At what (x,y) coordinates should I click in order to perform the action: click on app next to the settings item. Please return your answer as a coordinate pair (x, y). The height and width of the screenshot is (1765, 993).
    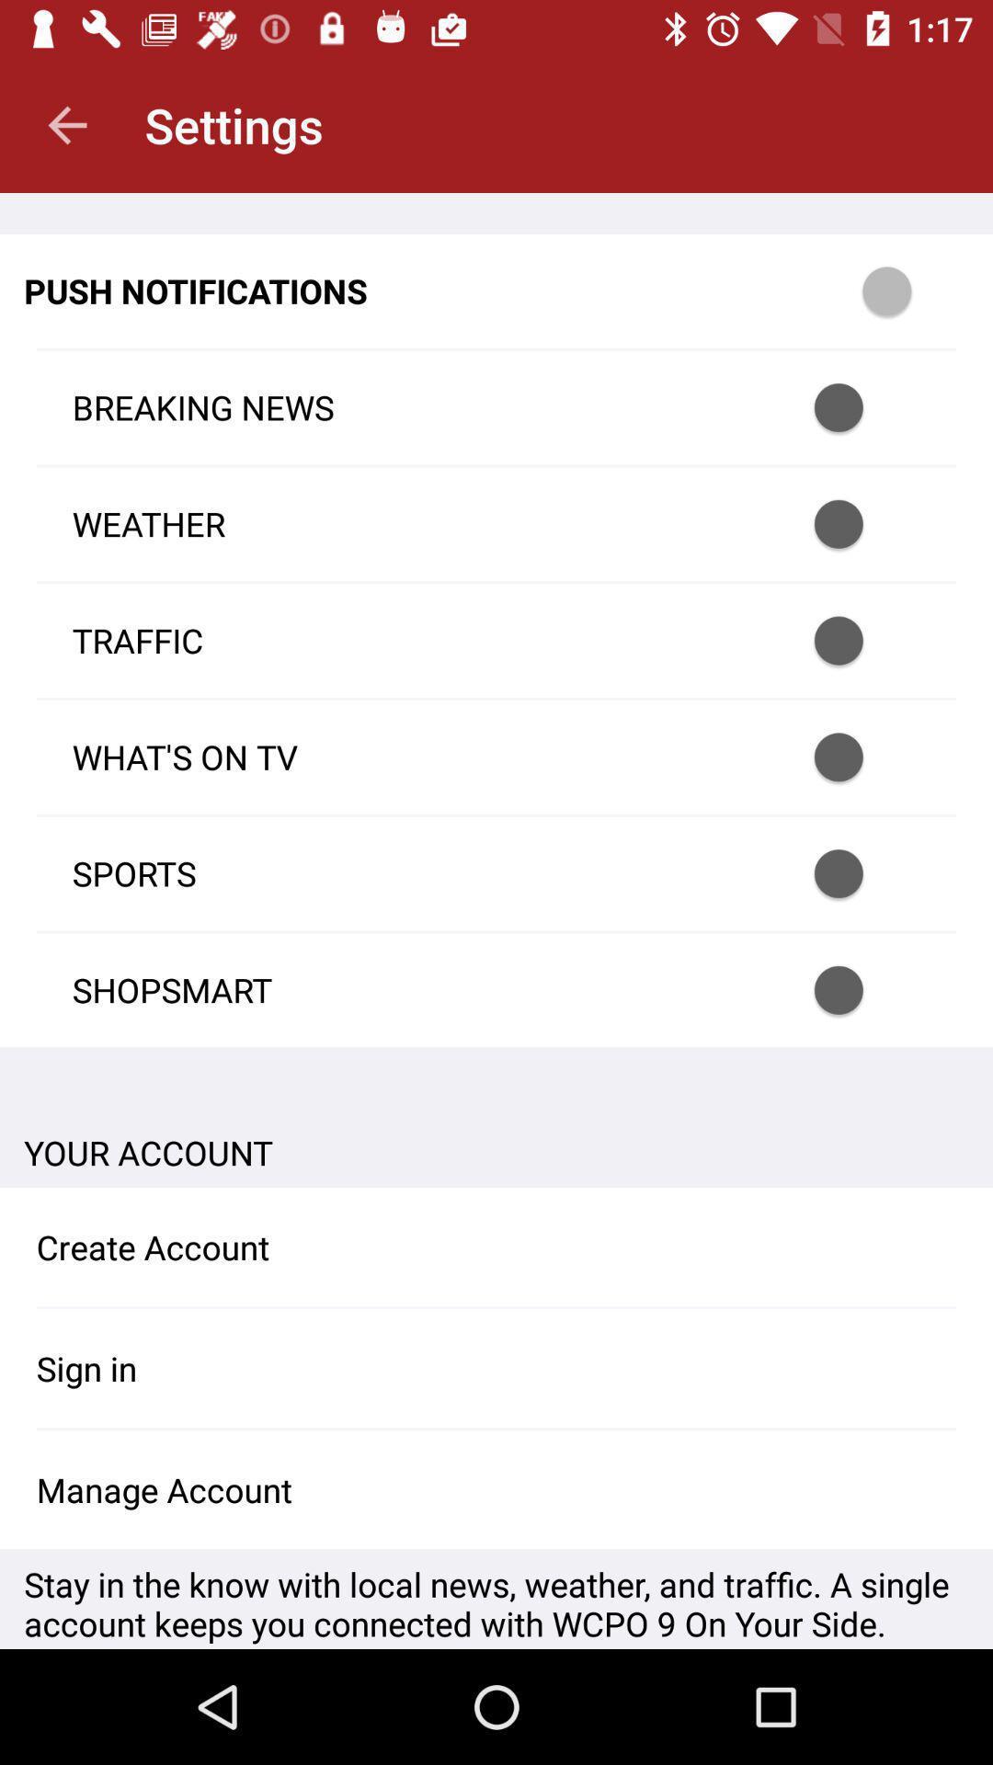
    Looking at the image, I should click on (66, 124).